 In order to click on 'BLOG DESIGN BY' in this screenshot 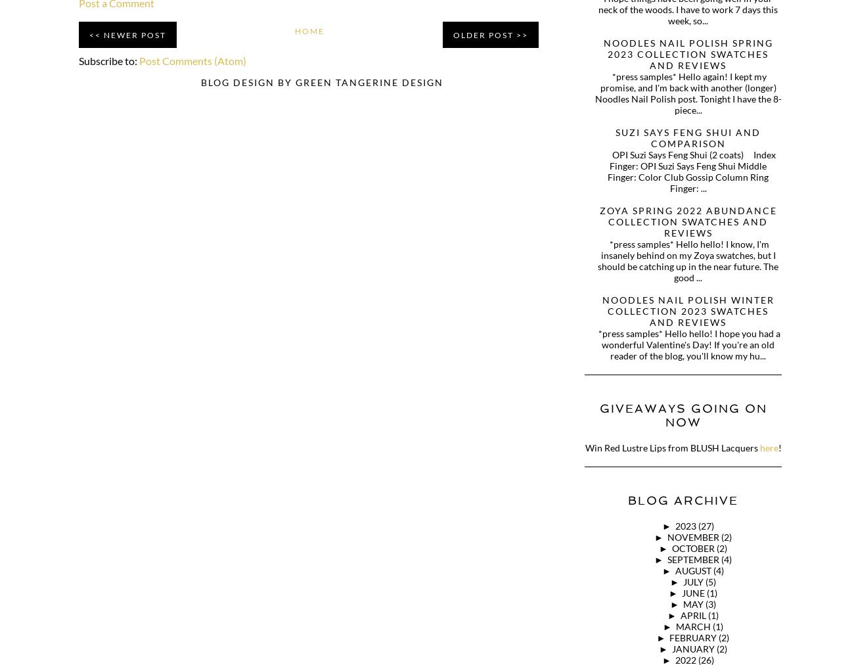, I will do `click(247, 81)`.